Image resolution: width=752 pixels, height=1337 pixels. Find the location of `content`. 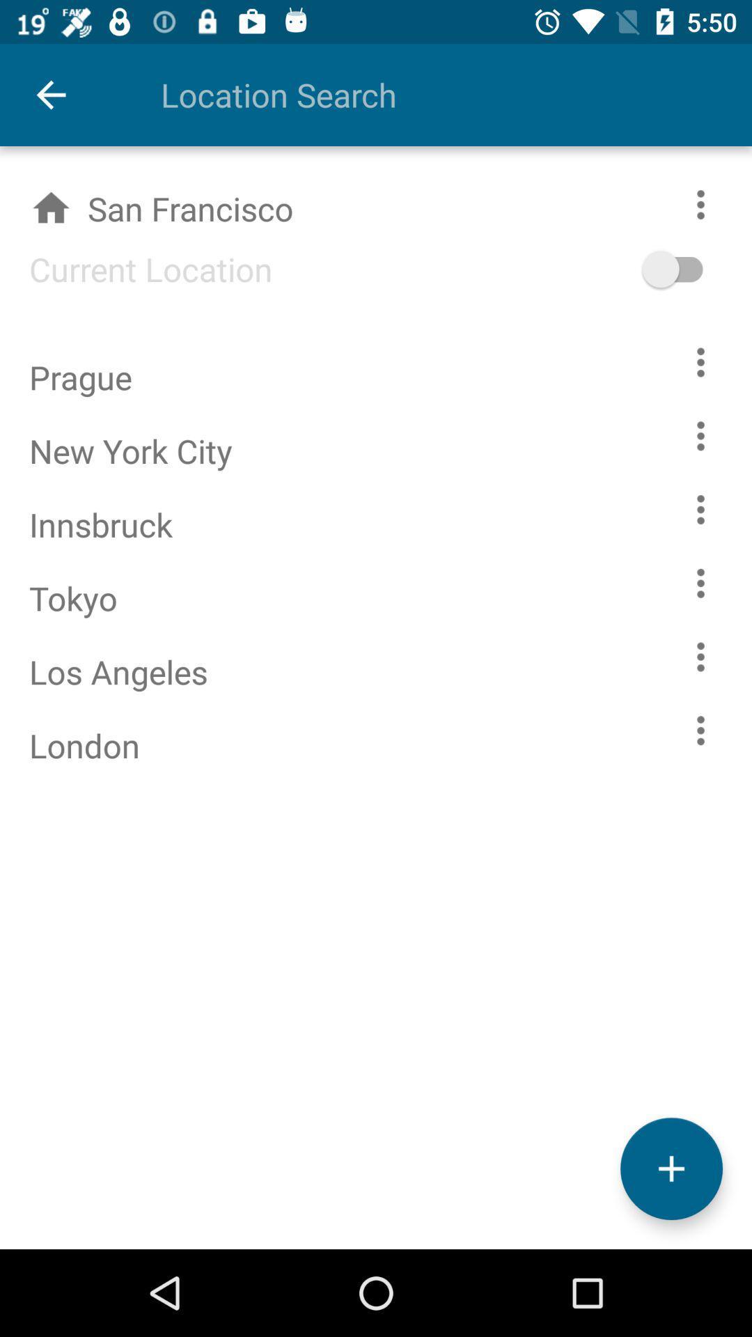

content is located at coordinates (700, 508).